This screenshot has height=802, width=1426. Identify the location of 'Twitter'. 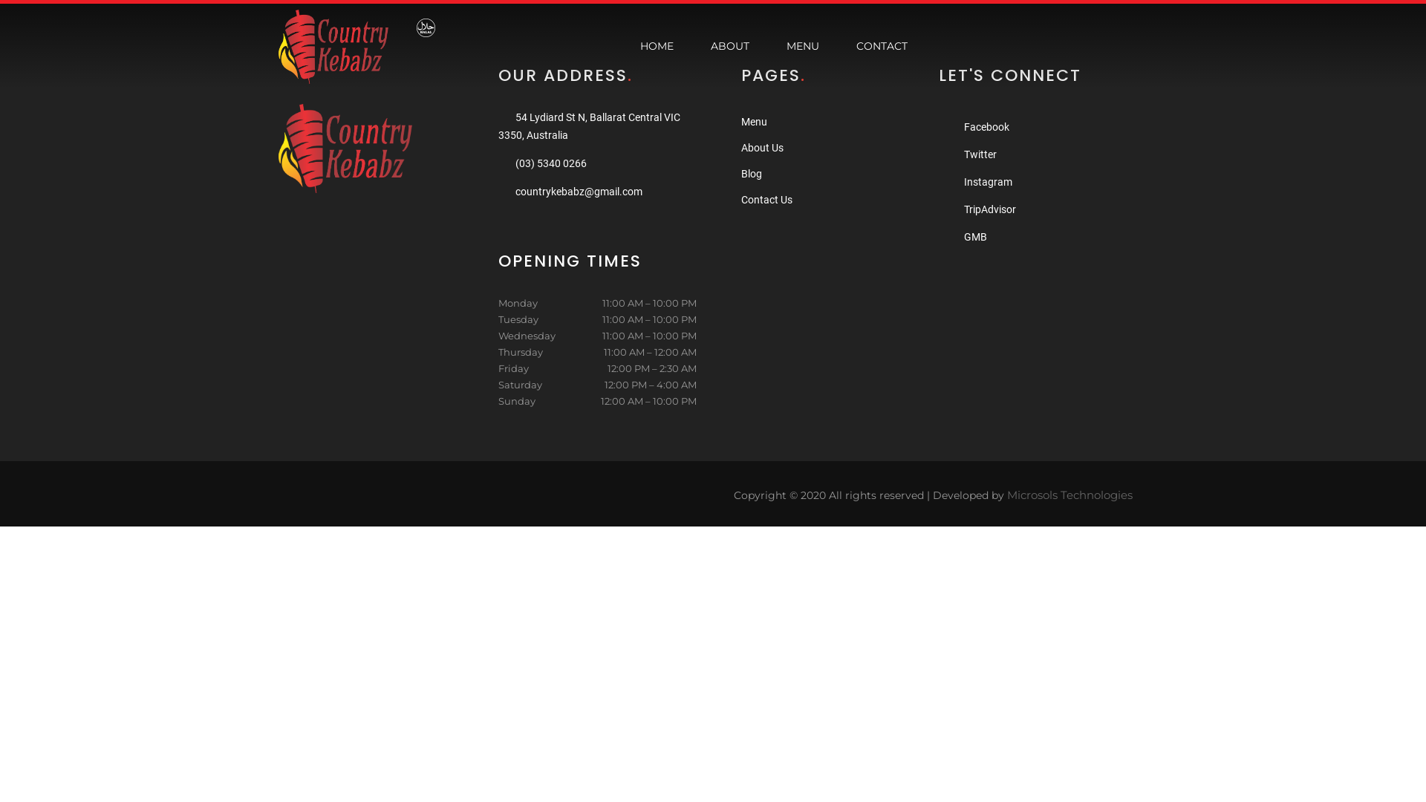
(980, 154).